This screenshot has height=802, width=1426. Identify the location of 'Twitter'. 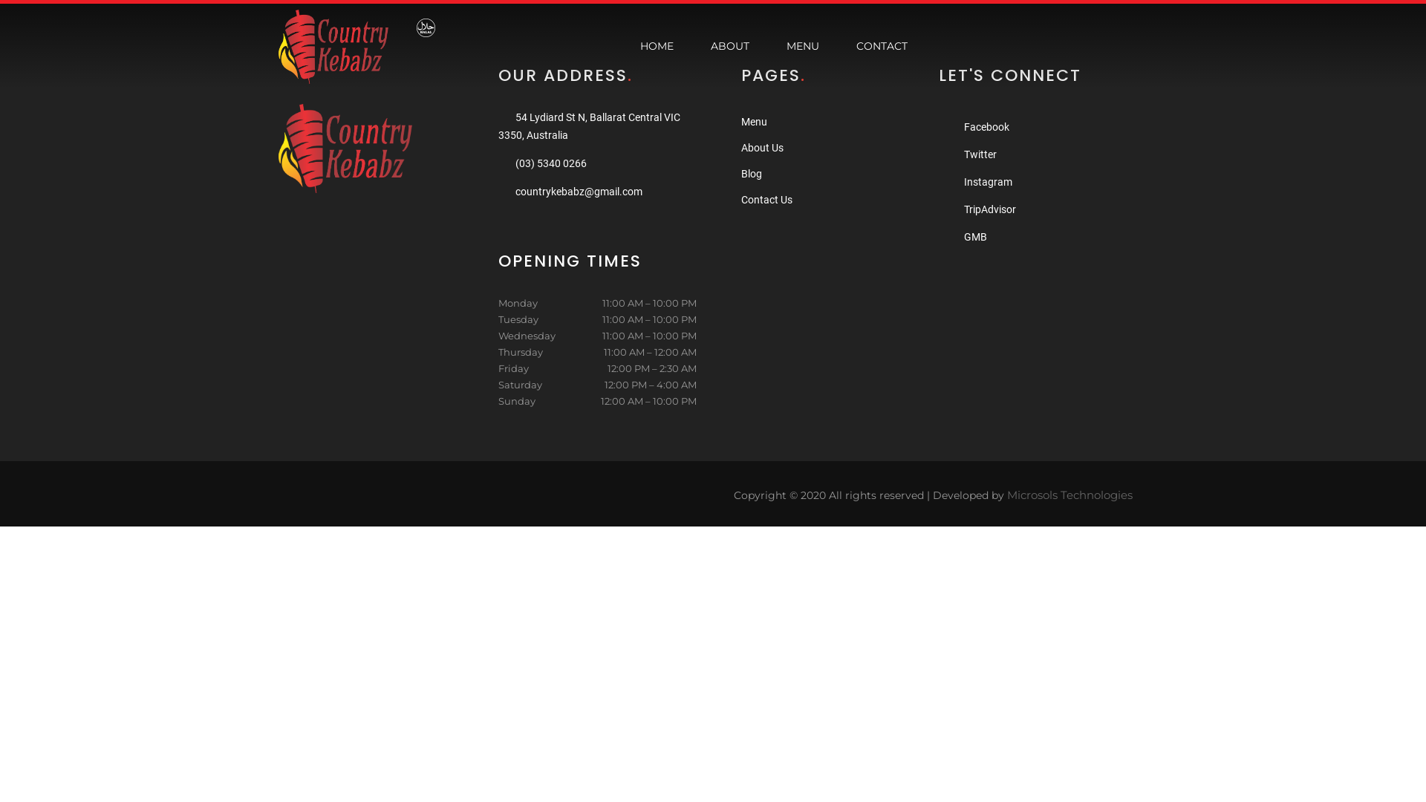
(980, 154).